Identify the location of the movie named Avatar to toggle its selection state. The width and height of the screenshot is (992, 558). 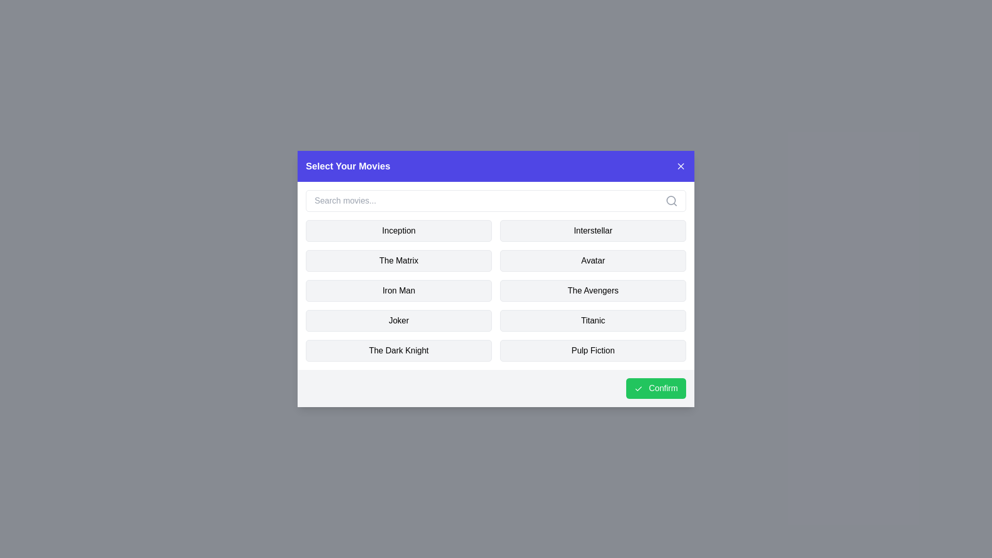
(593, 260).